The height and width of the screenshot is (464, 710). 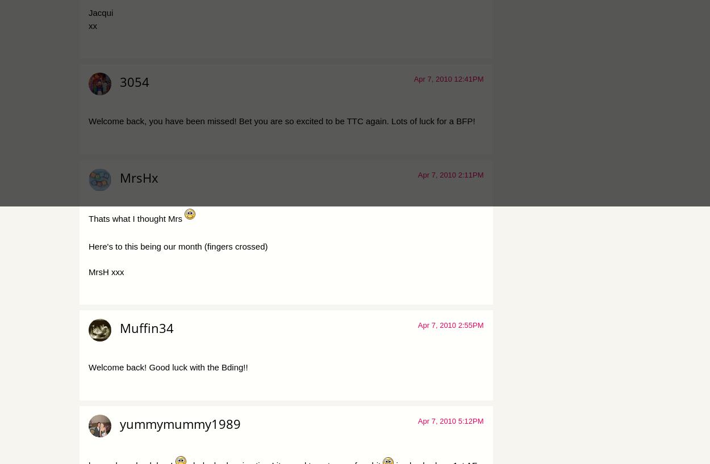 I want to click on 'Here's to this being our month (fingers crossed)', so click(x=177, y=245).